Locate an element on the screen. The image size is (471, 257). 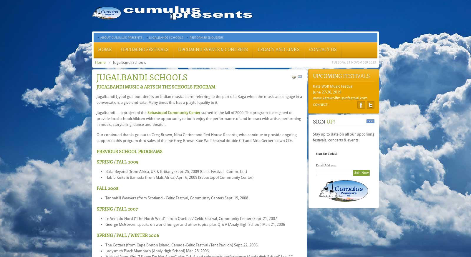
'About Cumulus Presents' is located at coordinates (100, 38).